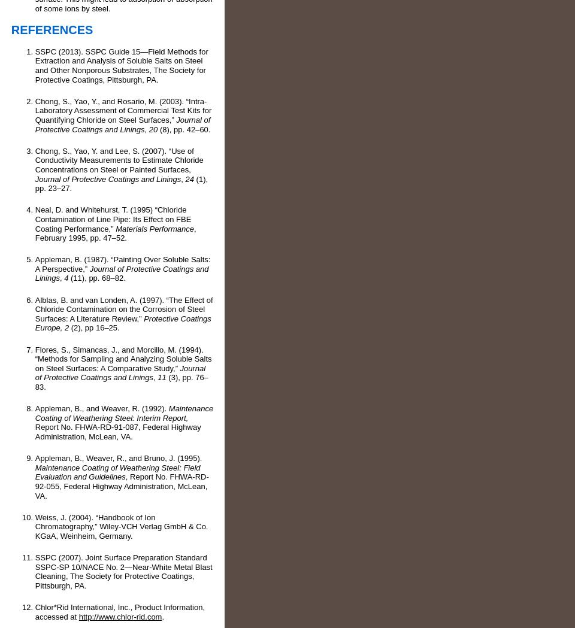 The image size is (575, 628). Describe the element at coordinates (34, 457) in the screenshot. I see `'Appleman, B., Weaver, R., and Bruno, J.  (1995).'` at that location.